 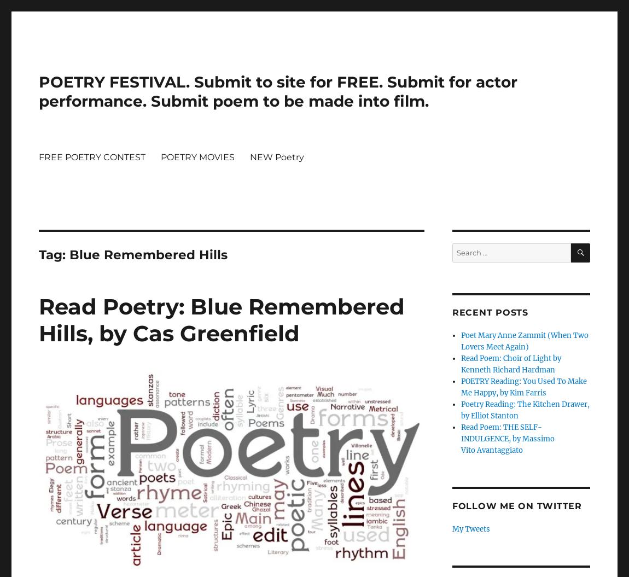 I want to click on 'POETRY Reading: You Used To Make Me Happy, by Kim Farris', so click(x=523, y=387).